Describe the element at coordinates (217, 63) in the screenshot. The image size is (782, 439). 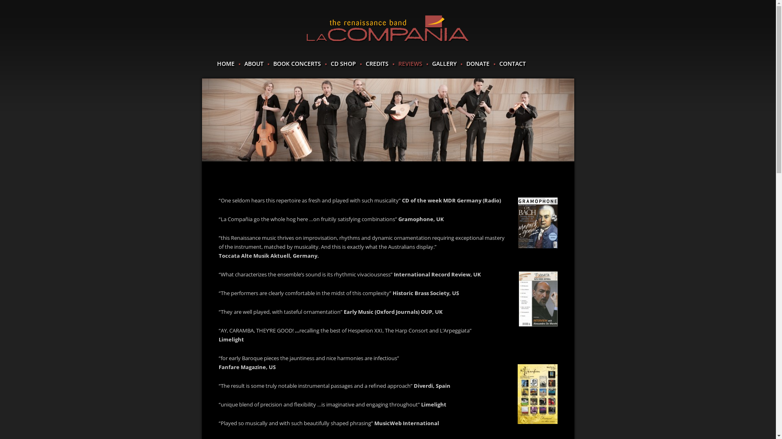
I see `'HOME'` at that location.